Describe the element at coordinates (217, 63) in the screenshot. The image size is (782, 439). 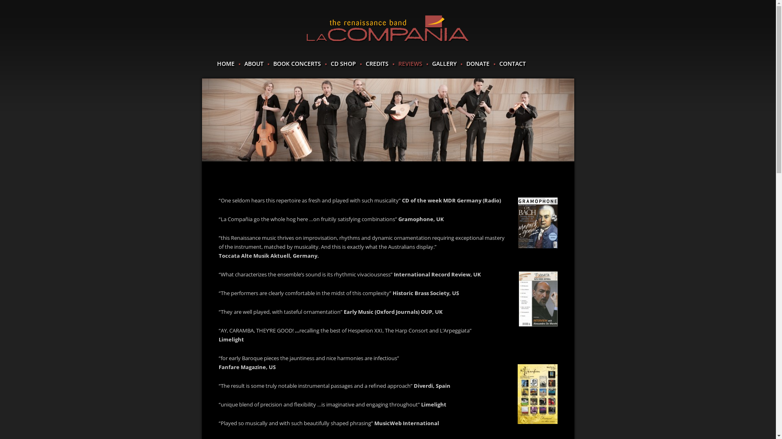
I see `'HOME'` at that location.